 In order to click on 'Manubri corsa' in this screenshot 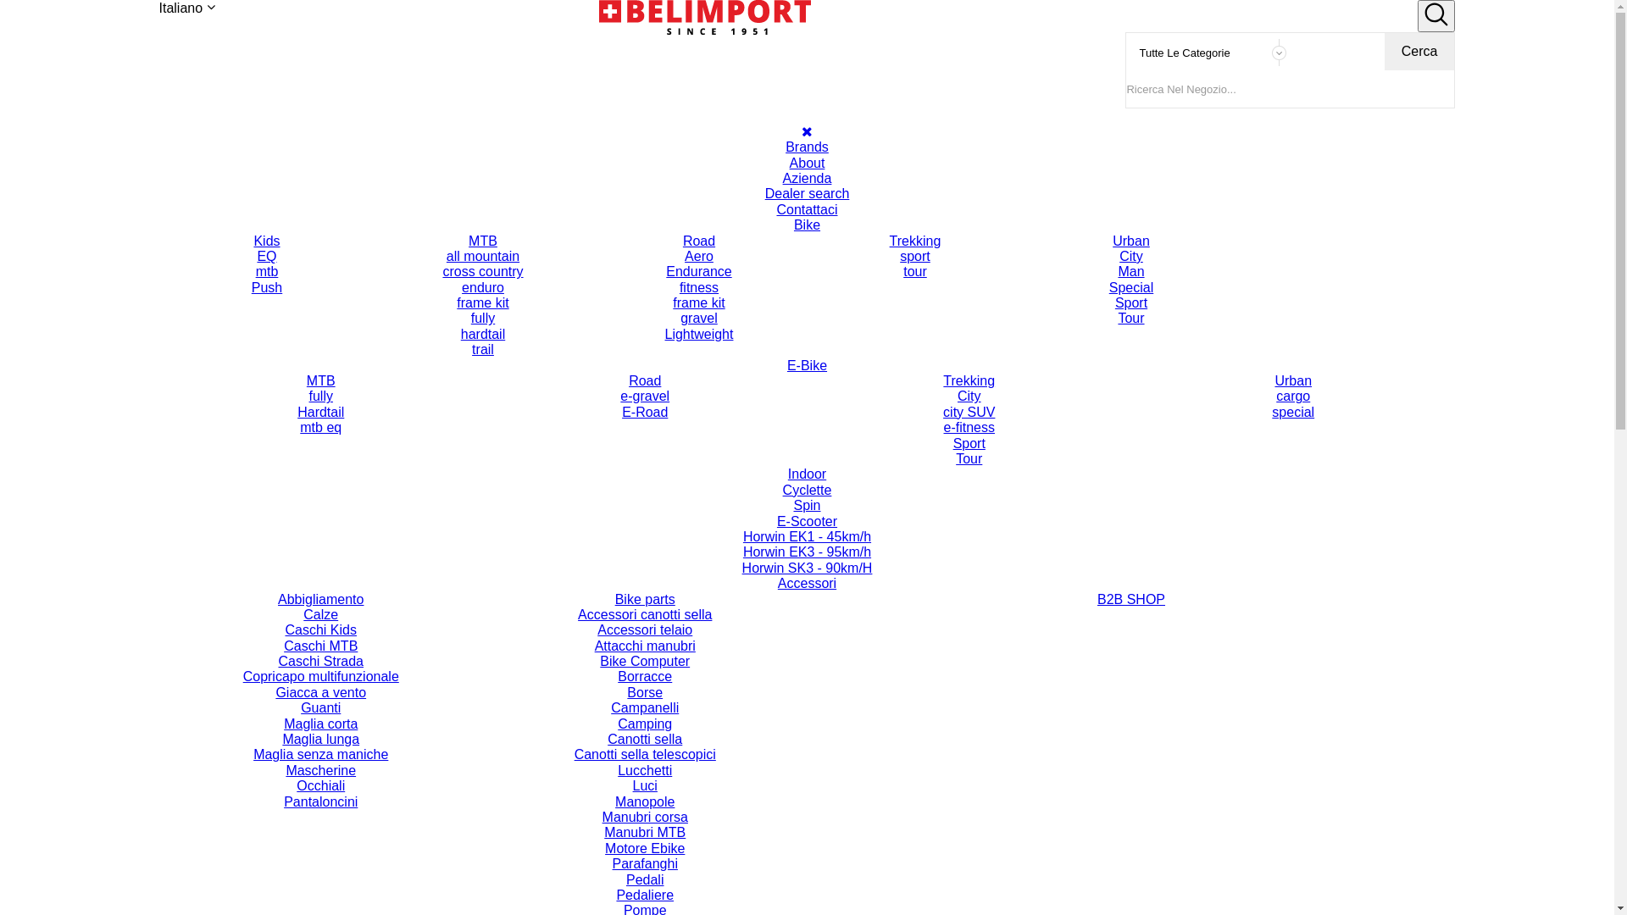, I will do `click(644, 816)`.